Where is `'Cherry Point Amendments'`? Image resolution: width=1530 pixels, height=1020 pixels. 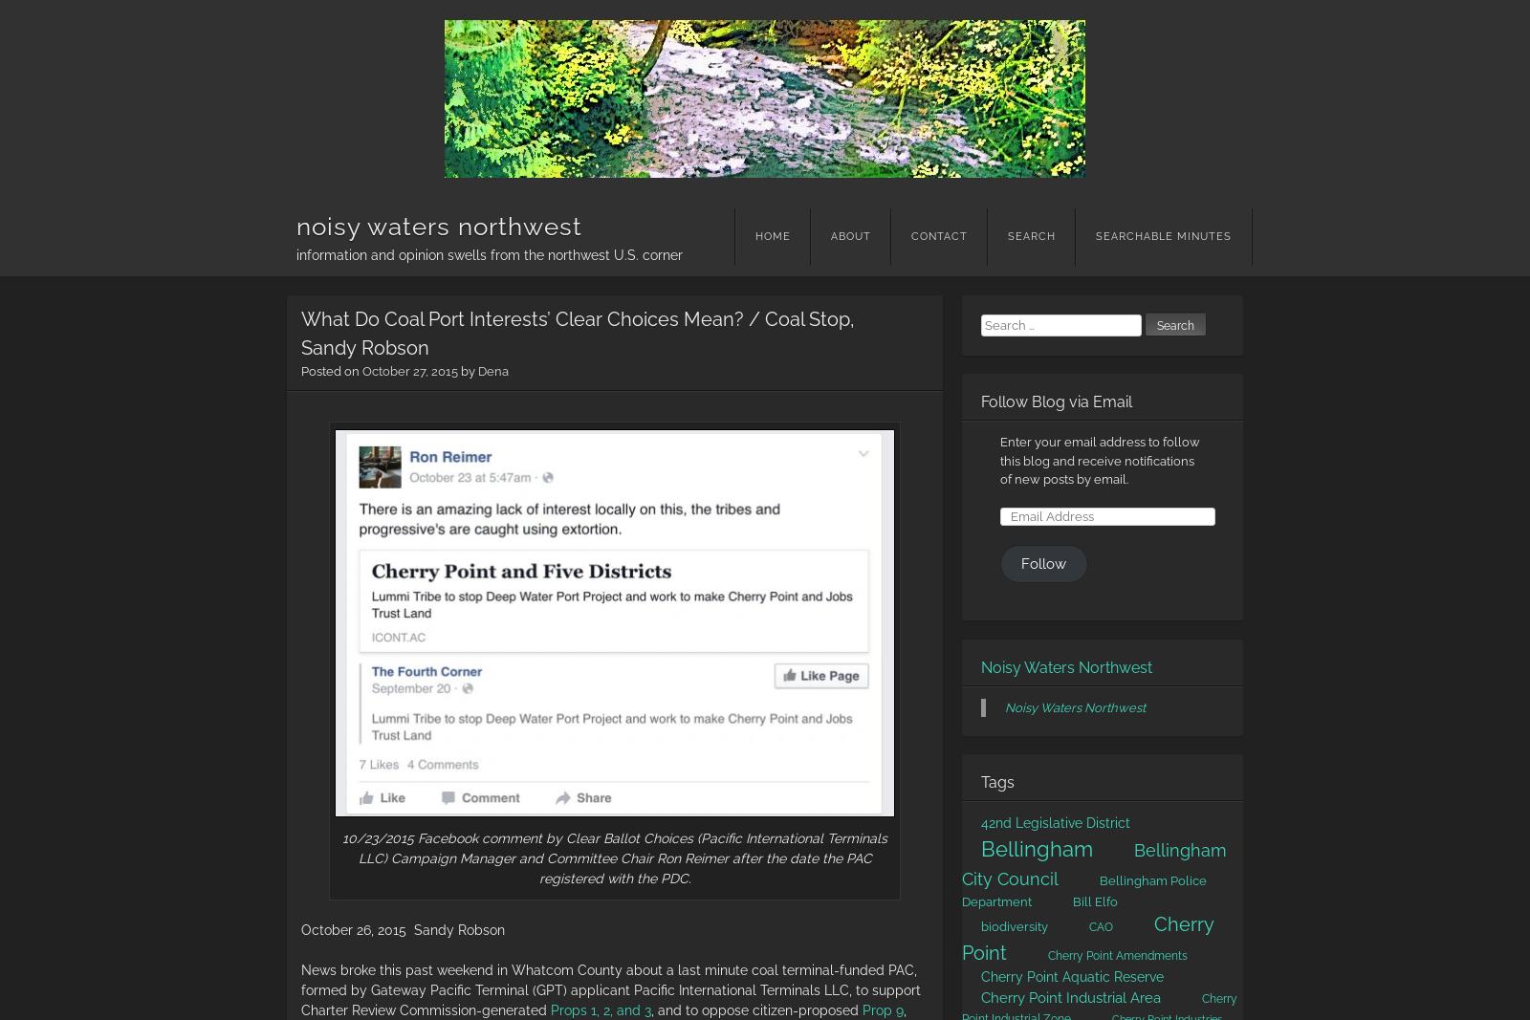 'Cherry Point Amendments' is located at coordinates (1117, 955).